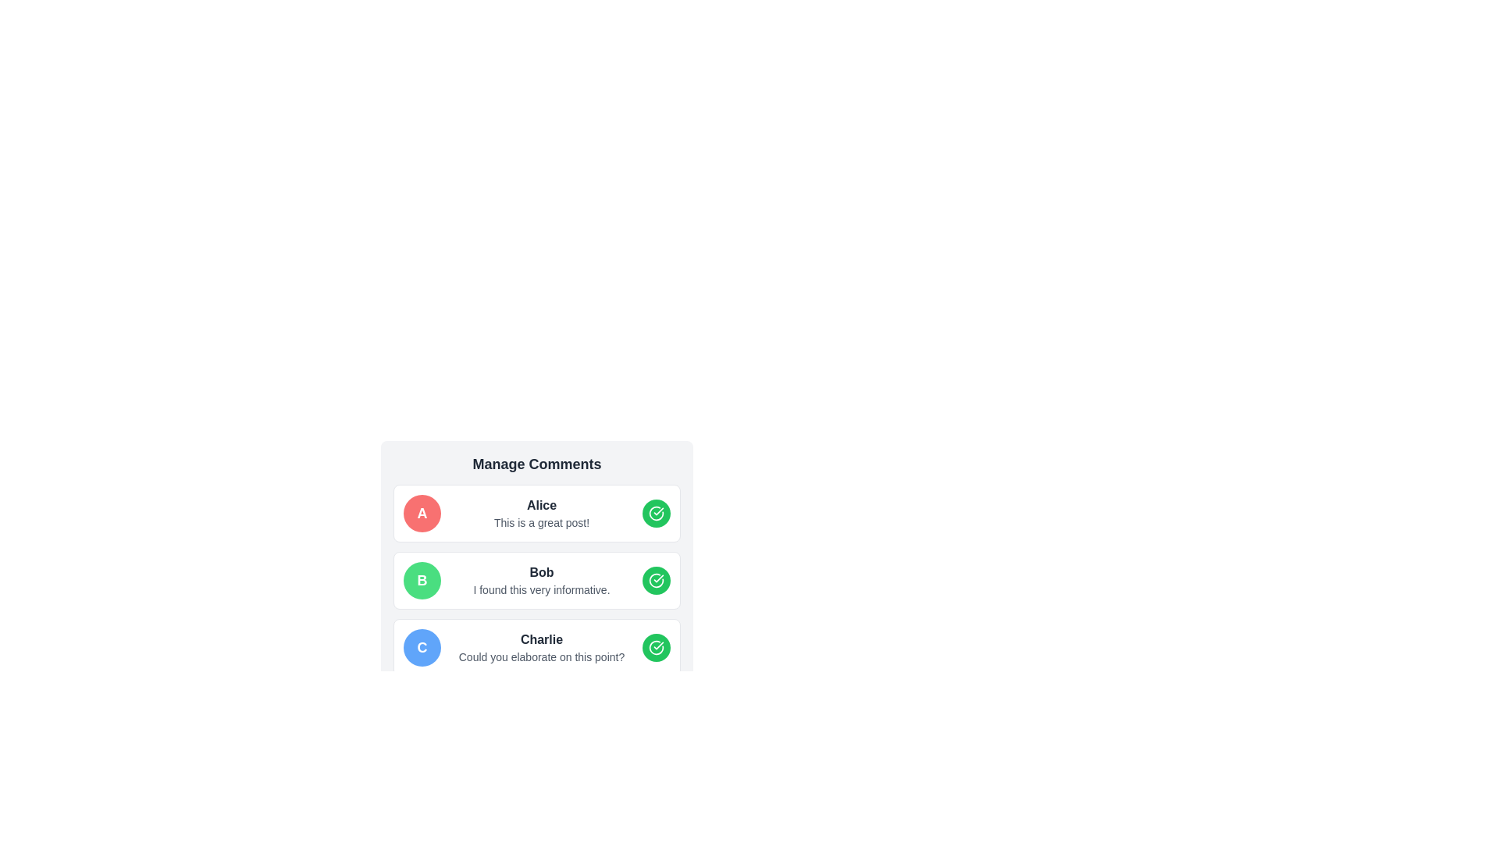 This screenshot has height=843, width=1499. I want to click on text label that says 'I found this very informative.' located beneath the name 'Bob' in the second comment section of the 'Manage Comments' interface, so click(542, 590).